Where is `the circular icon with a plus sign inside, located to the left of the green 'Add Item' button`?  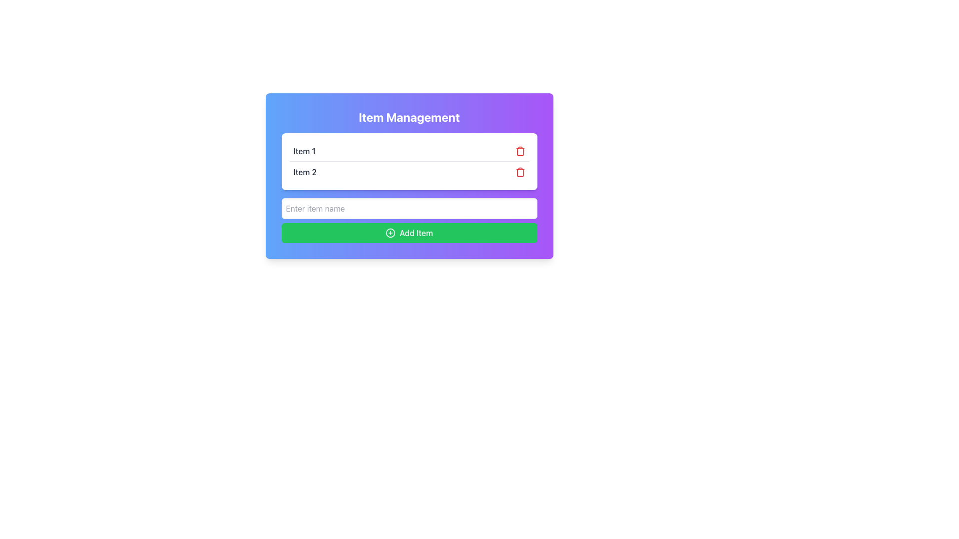 the circular icon with a plus sign inside, located to the left of the green 'Add Item' button is located at coordinates (390, 233).